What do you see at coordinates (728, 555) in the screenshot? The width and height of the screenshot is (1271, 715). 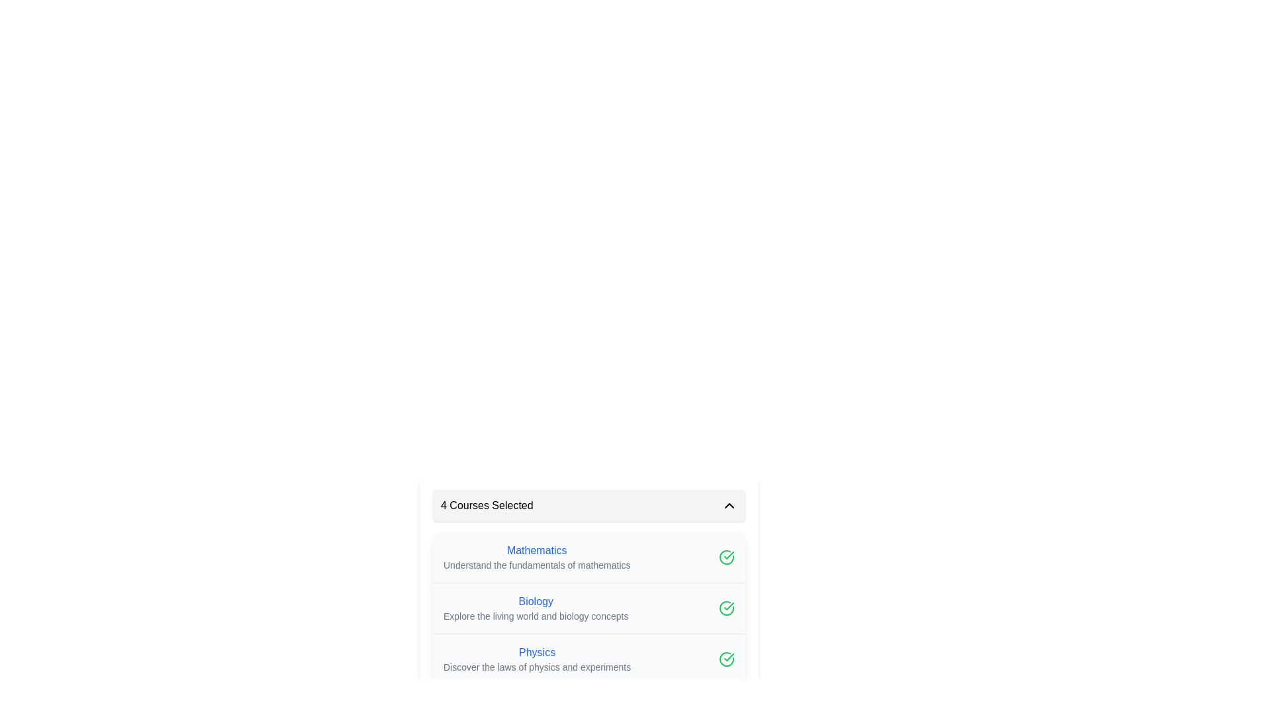 I see `the checkmark icon nested within the circular green icon to the right of the 'Biology' text in the '4 Courses Selected' dropdown menu` at bounding box center [728, 555].